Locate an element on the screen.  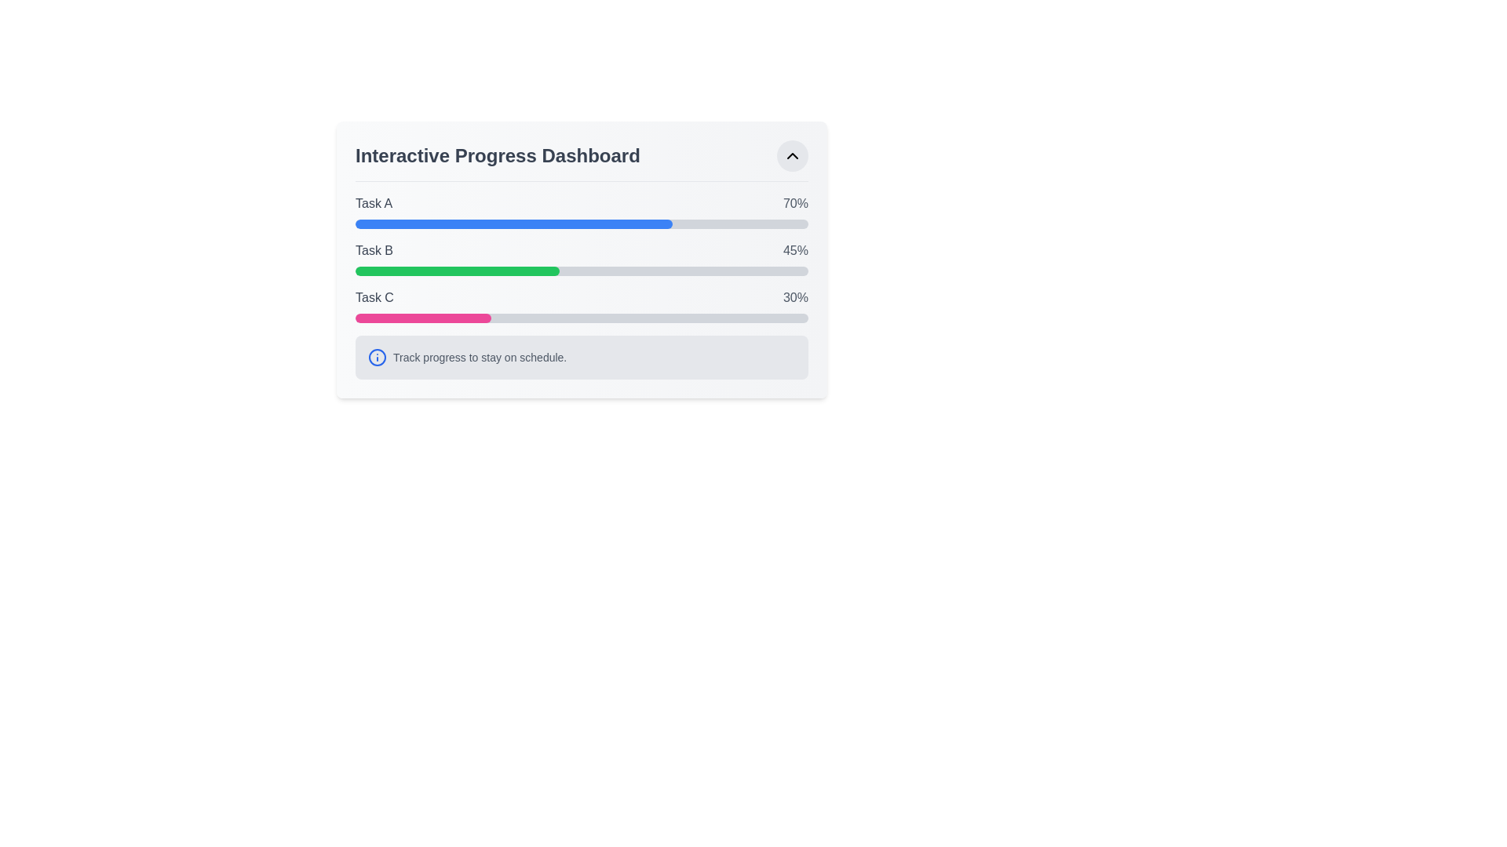
the text label displaying 'Task C' located in the third row of the progress dashboard, which is positioned adjacent to a pink progress bar is located at coordinates (374, 298).